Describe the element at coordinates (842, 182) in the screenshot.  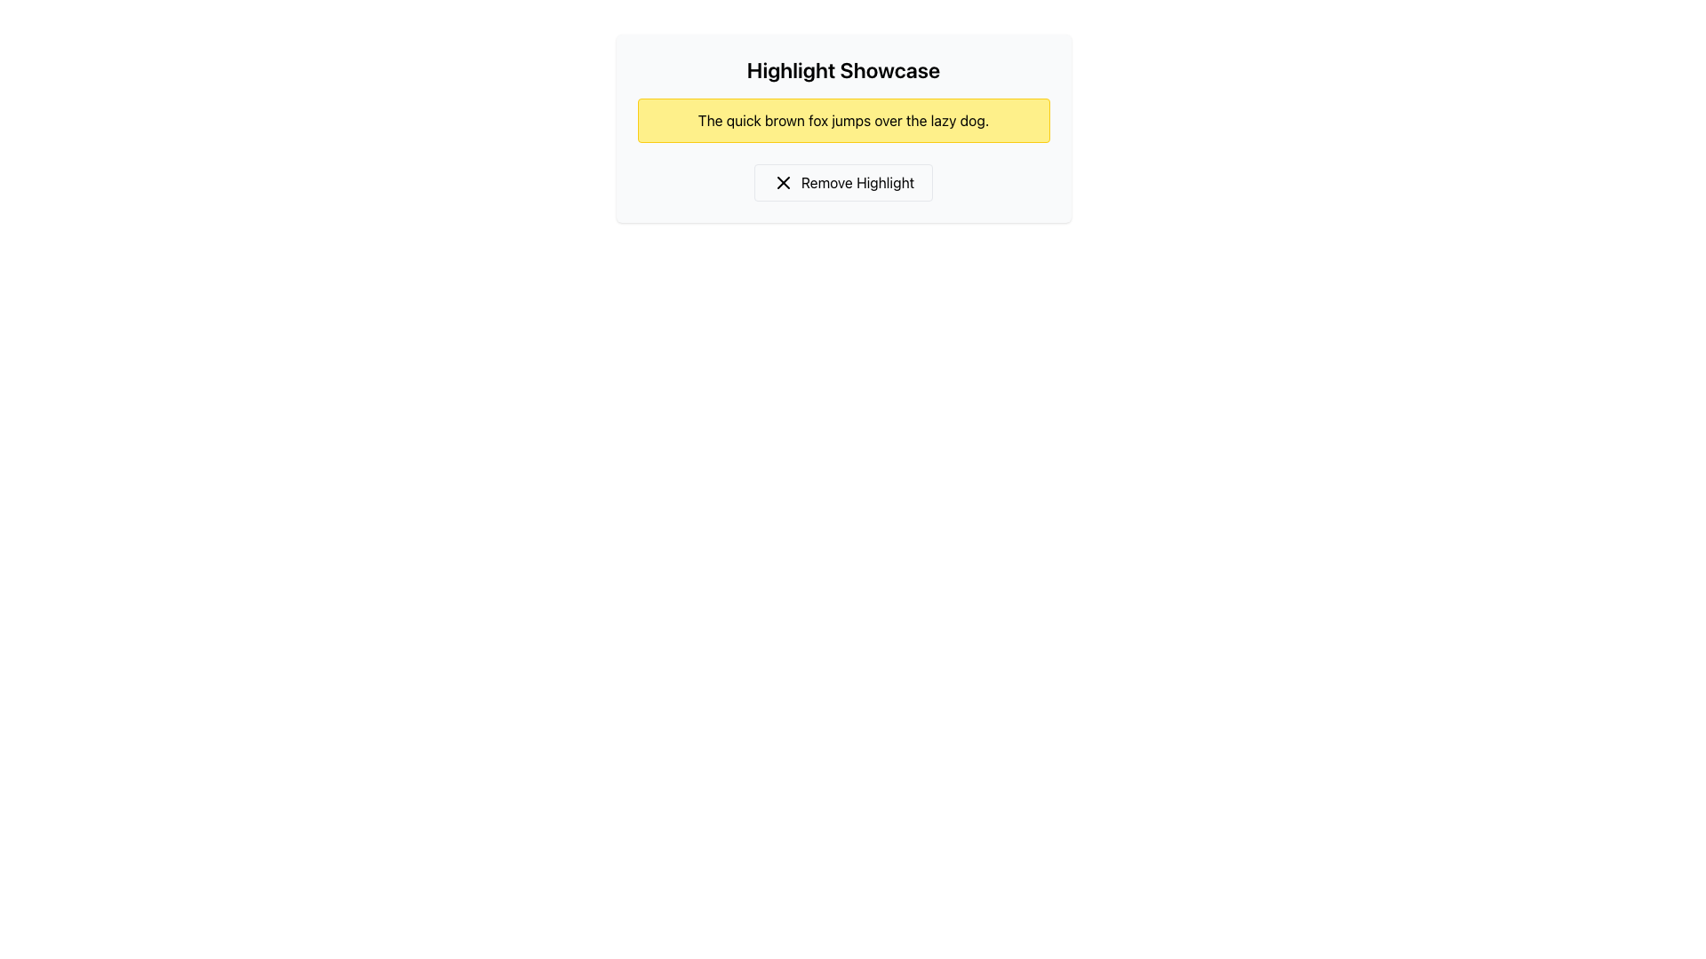
I see `the button located at the bottom of the 'Highlight Showcase' section` at that location.